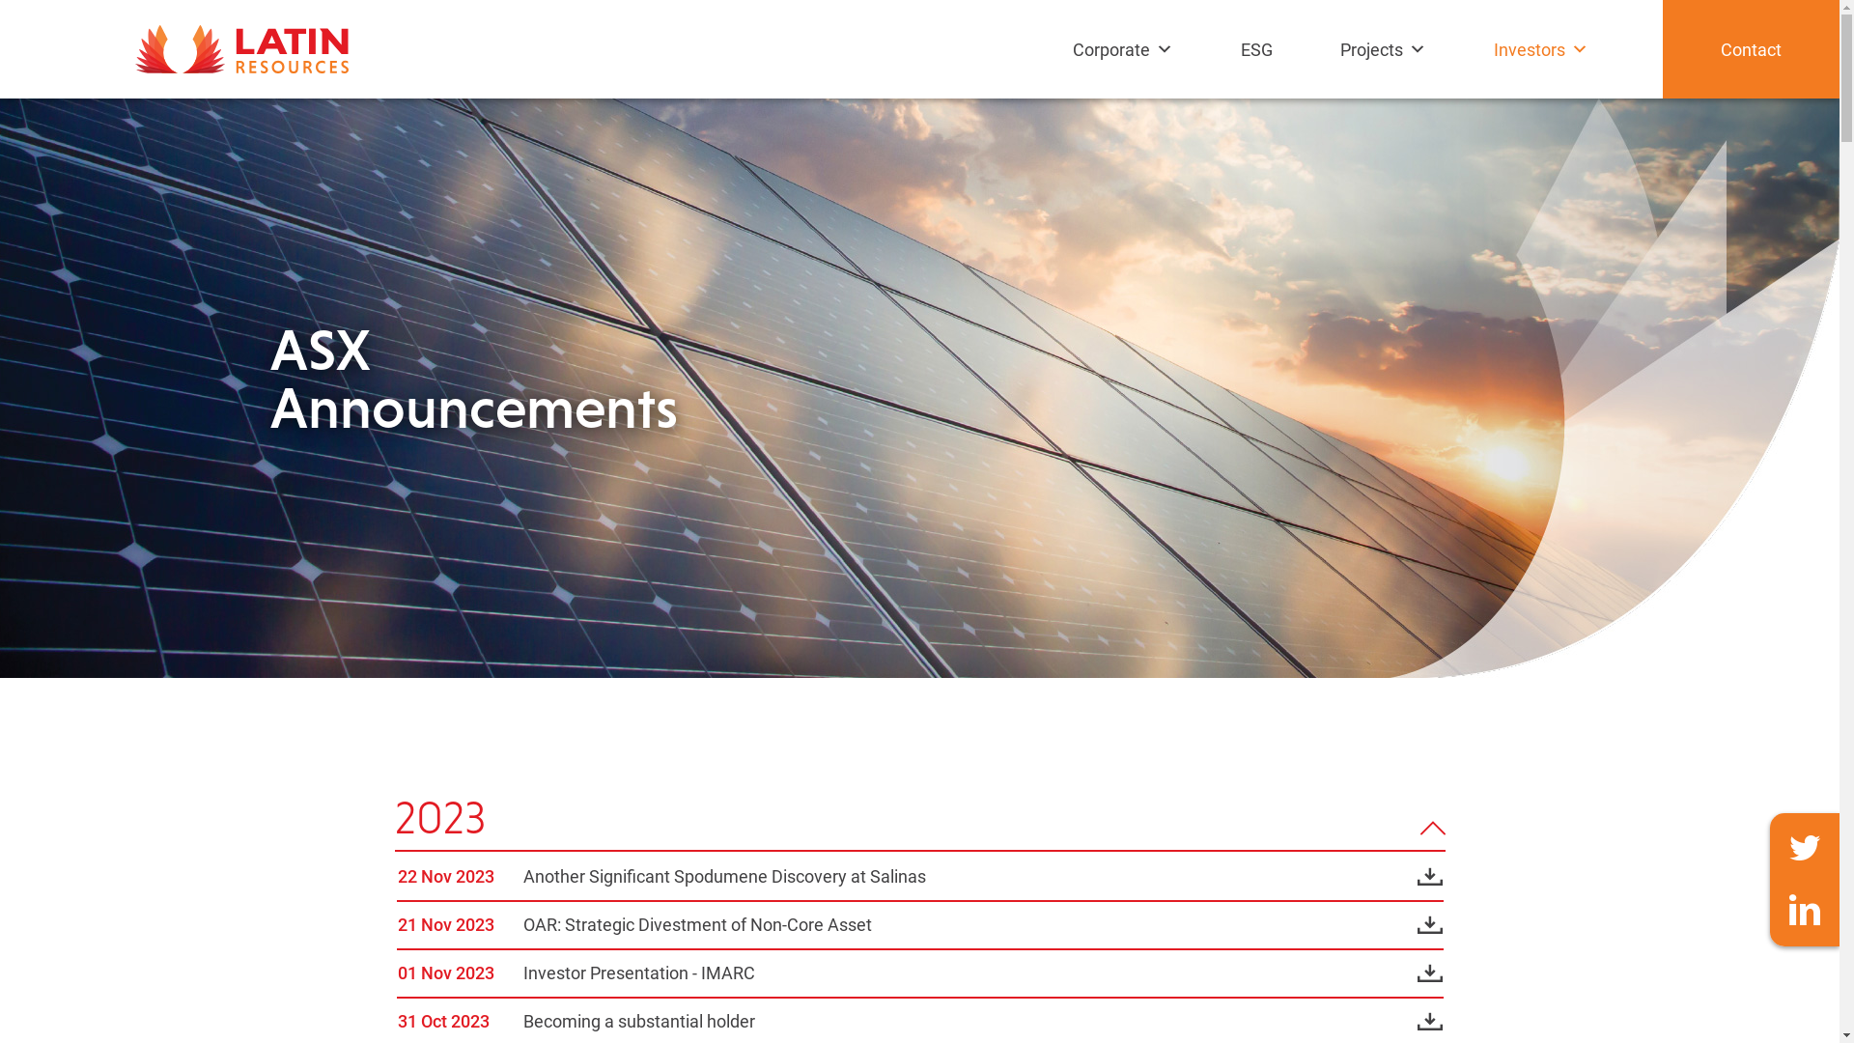 The width and height of the screenshot is (1854, 1043). What do you see at coordinates (1261, 67) in the screenshot?
I see `'ESG'` at bounding box center [1261, 67].